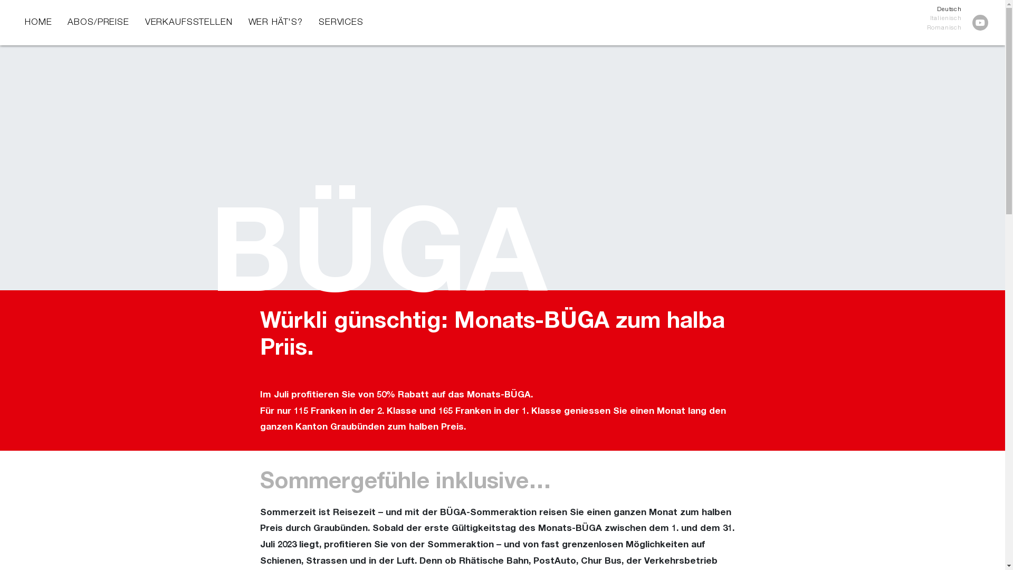 This screenshot has height=570, width=1013. I want to click on 'ABOS/PREISE', so click(98, 22).